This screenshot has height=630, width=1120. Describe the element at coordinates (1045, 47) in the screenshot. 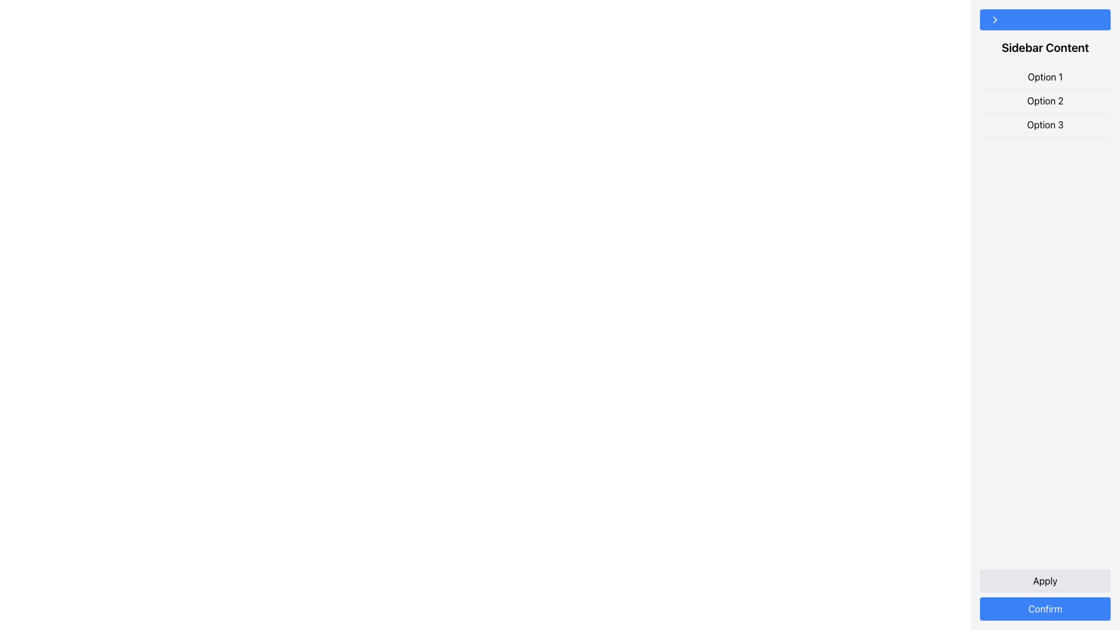

I see `the Text label that acts as a section or sidebar header, positioned directly below a blue button and above a list of options labeled 'Option 1', 'Option 2', and 'Option 3'` at that location.